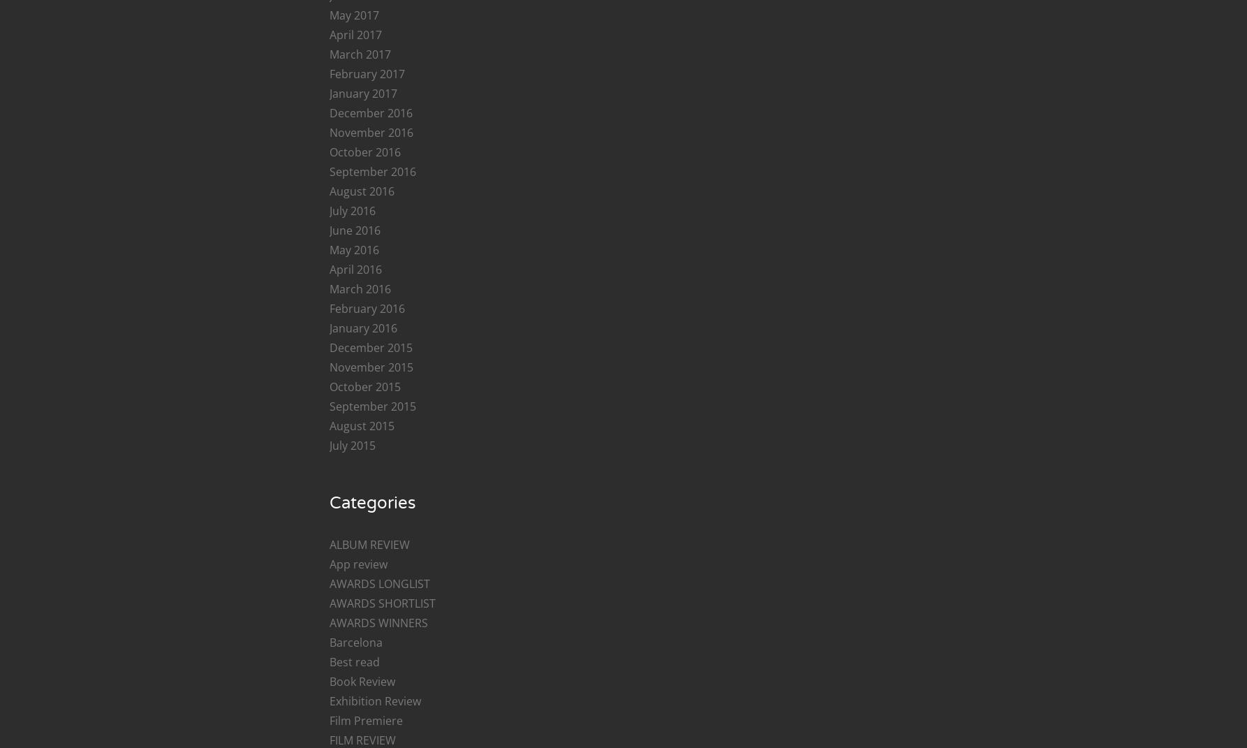 This screenshot has width=1247, height=748. Describe the element at coordinates (364, 387) in the screenshot. I see `'October 2015'` at that location.